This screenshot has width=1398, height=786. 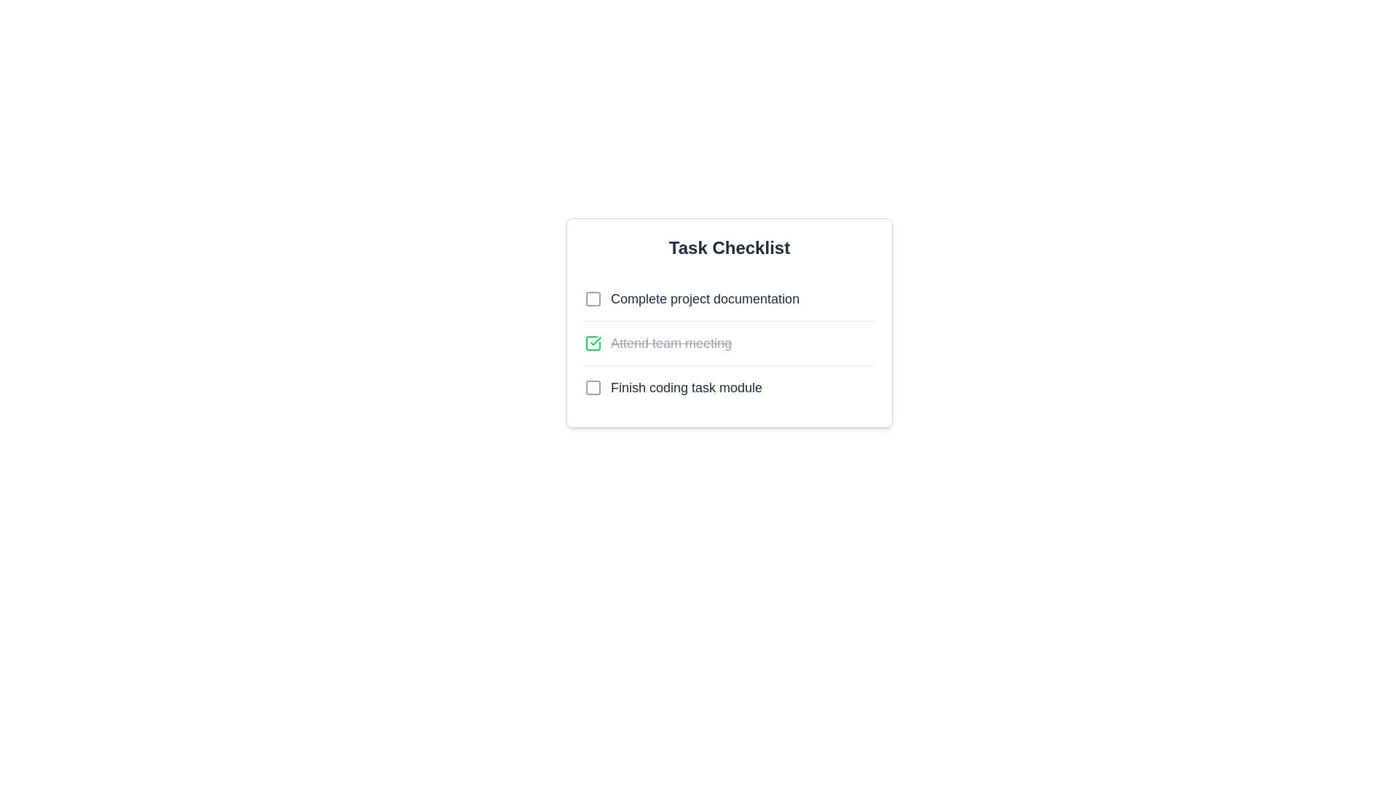 I want to click on the checkbox representing the completion status of the 'Attend team meeting' task, so click(x=593, y=343).